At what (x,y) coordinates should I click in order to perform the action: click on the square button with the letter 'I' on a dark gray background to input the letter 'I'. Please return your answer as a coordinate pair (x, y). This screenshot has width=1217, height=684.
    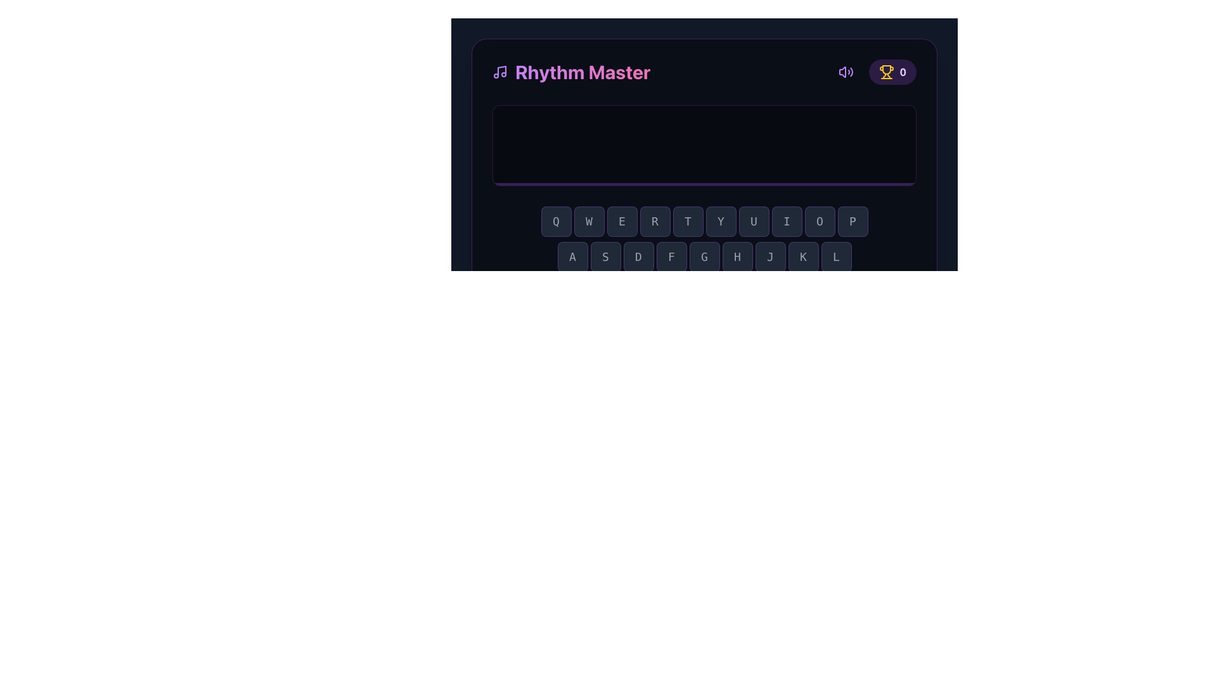
    Looking at the image, I should click on (786, 221).